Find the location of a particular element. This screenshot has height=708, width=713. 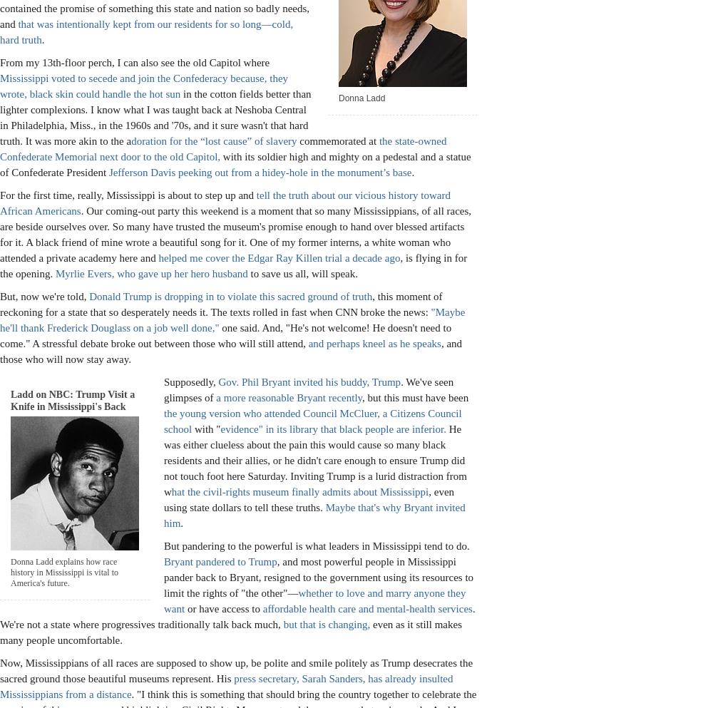

'Donna Ladd' is located at coordinates (361, 98).